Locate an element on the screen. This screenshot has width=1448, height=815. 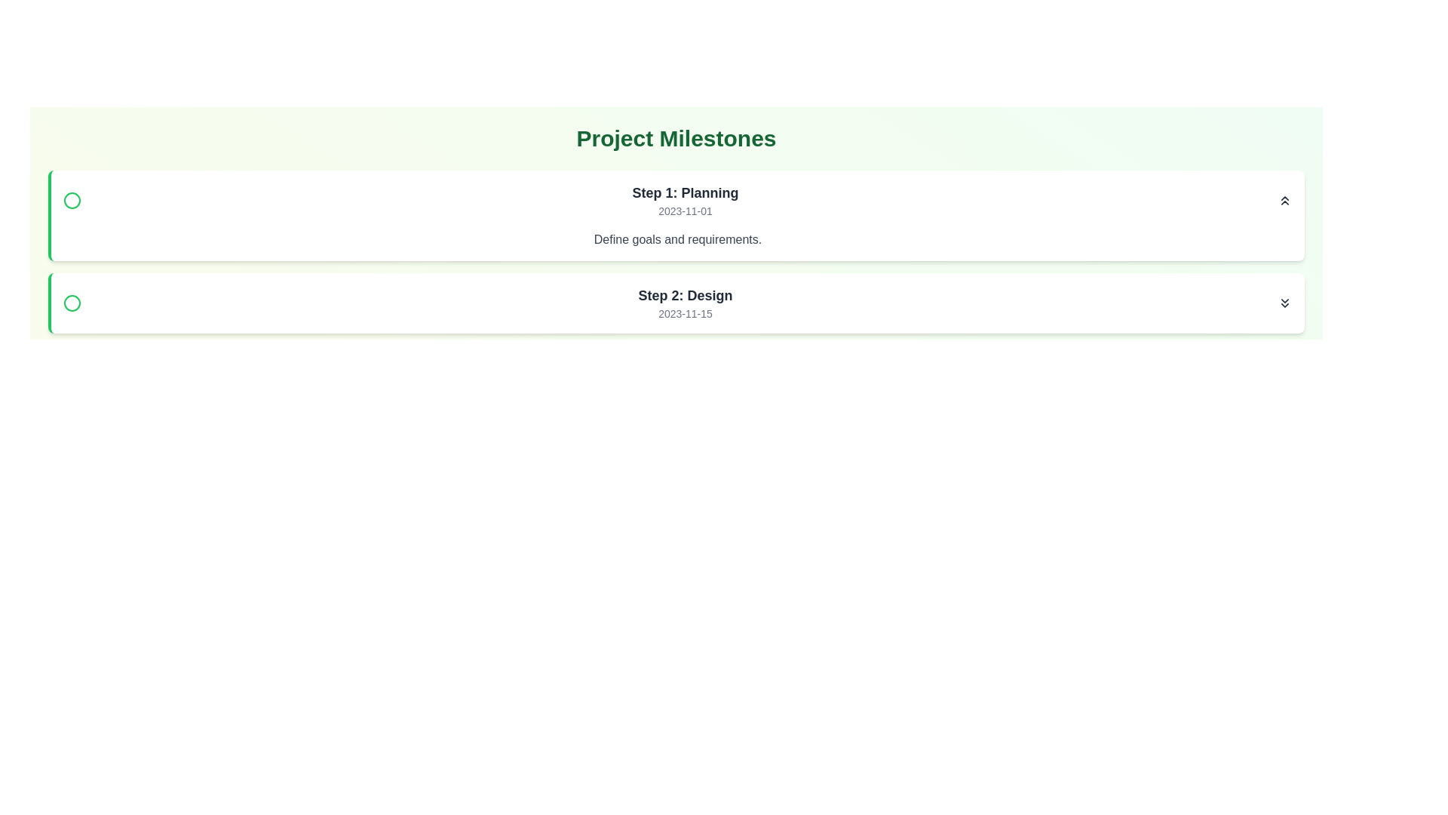
text information displayed in the Textual Information Display, which shows 'Step 1: Planning' and the date '2023-11-01', located centrally in the first milestone card under 'Project Milestones' is located at coordinates (684, 200).